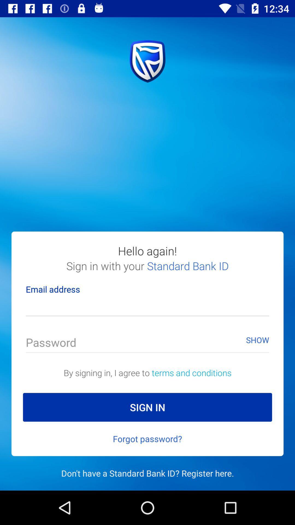 The height and width of the screenshot is (525, 295). Describe the element at coordinates (147, 343) in the screenshot. I see `password` at that location.